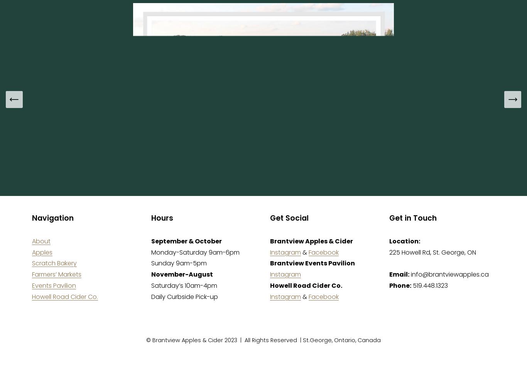 Image resolution: width=527 pixels, height=368 pixels. I want to click on 'About', so click(41, 240).